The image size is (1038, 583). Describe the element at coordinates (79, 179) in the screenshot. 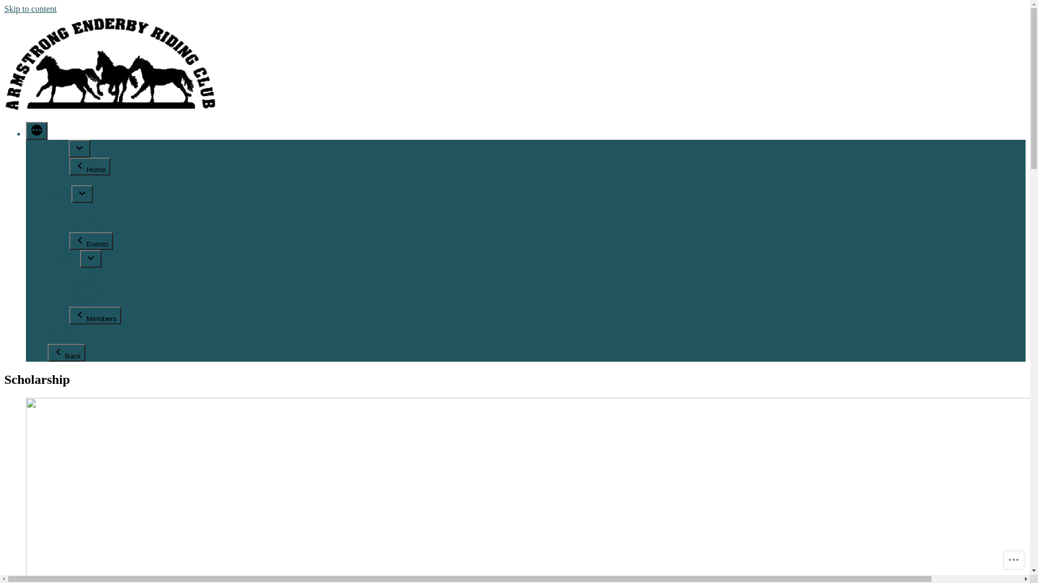

I see `'About'` at that location.